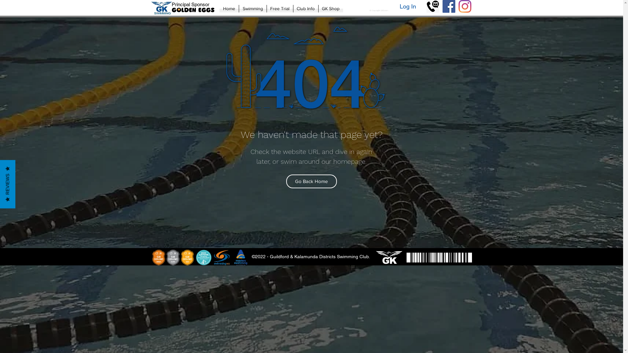  I want to click on 'FTGP_ClubExcellence_SILVER.png', so click(173, 257).